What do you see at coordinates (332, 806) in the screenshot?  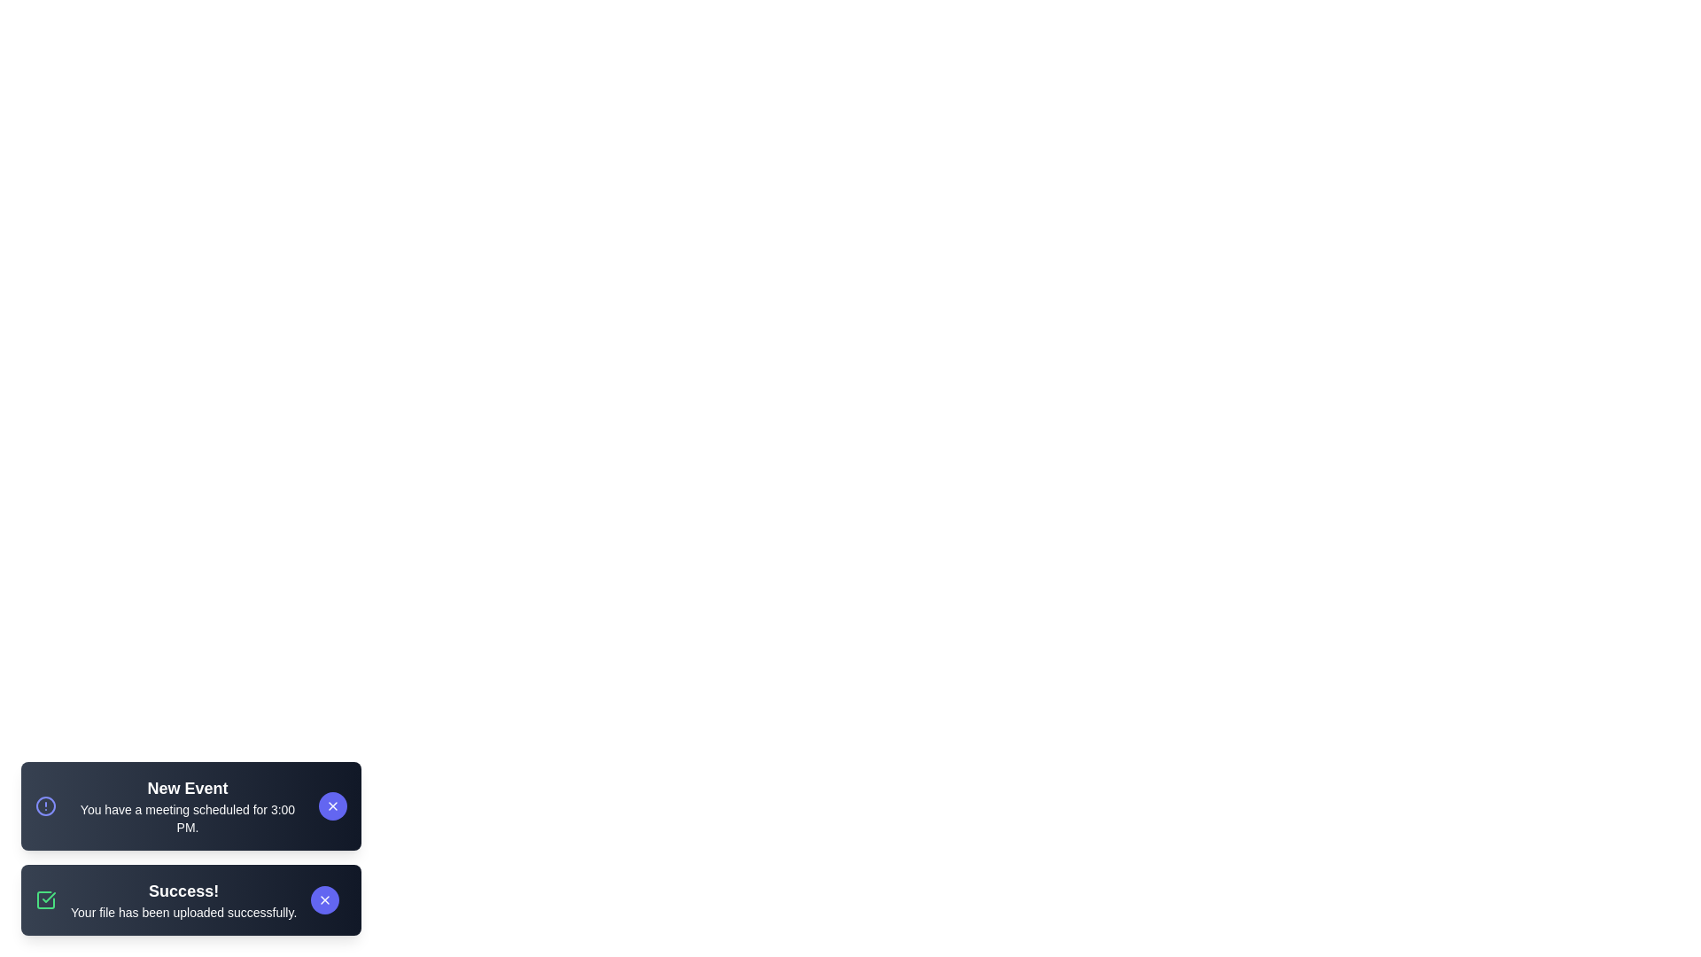 I see `the close button of the 'New Event' notification` at bounding box center [332, 806].